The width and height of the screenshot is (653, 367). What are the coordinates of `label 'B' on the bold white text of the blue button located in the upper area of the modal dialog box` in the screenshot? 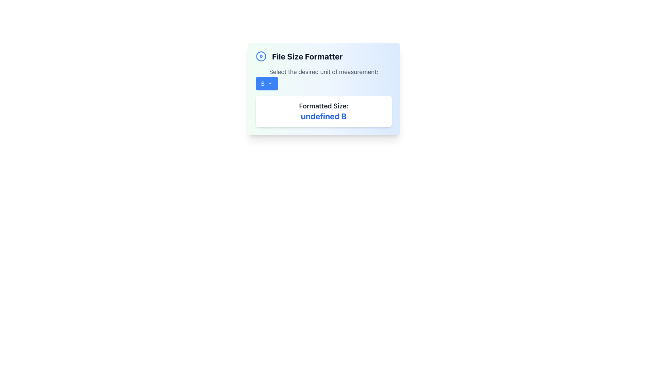 It's located at (263, 83).